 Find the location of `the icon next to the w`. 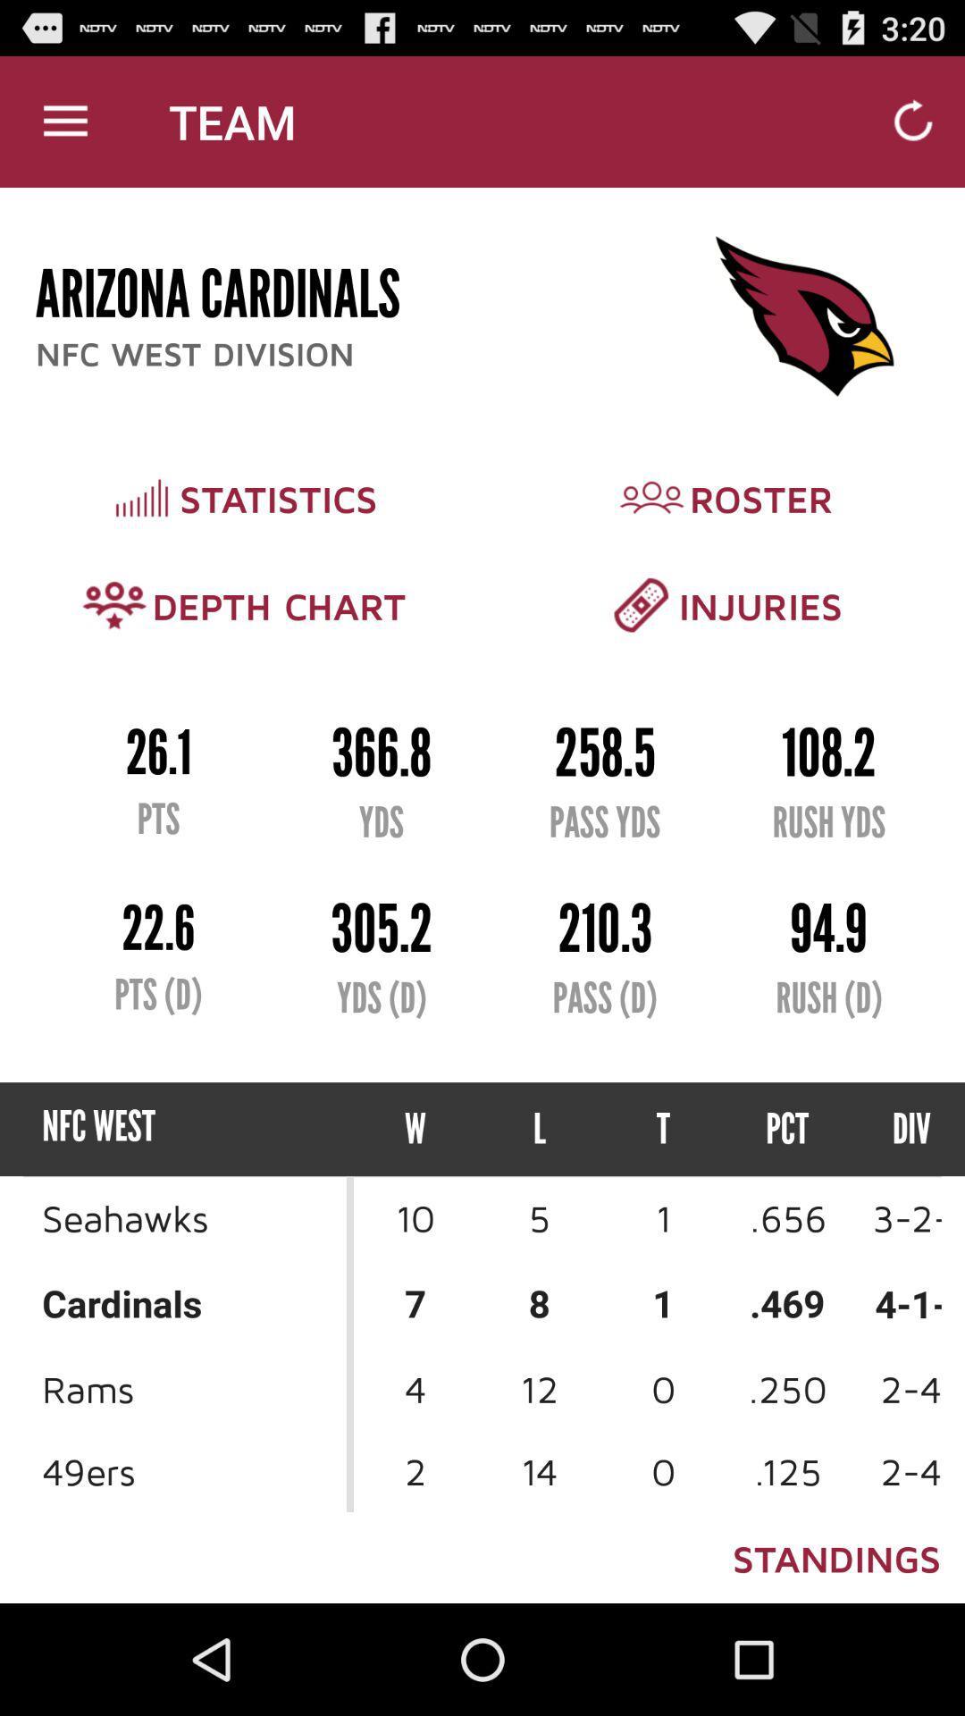

the icon next to the w is located at coordinates (539, 1128).